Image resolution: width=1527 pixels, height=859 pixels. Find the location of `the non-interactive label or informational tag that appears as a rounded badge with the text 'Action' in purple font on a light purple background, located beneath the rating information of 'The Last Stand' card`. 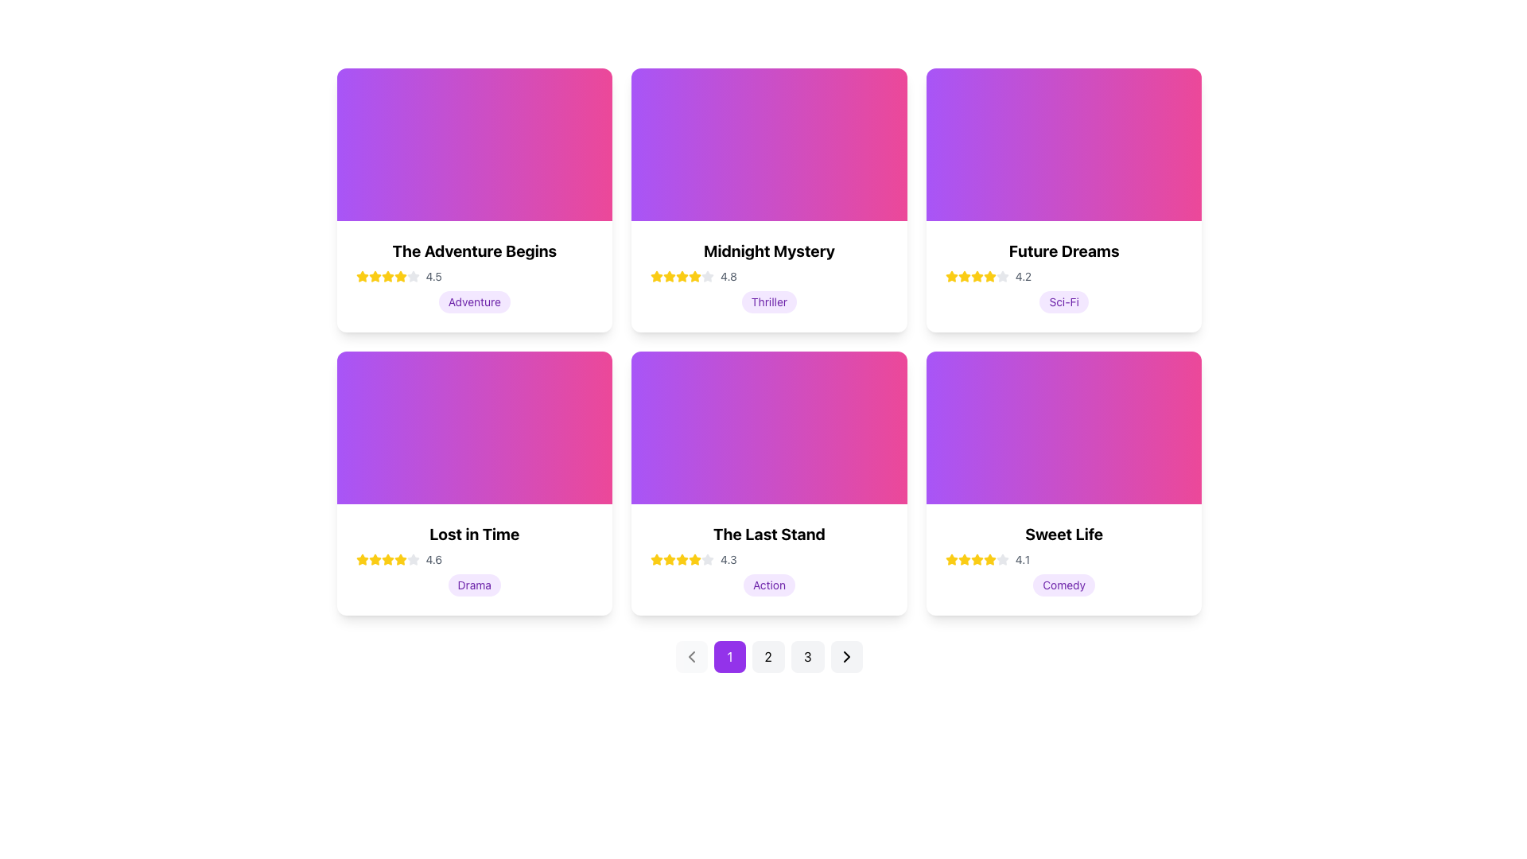

the non-interactive label or informational tag that appears as a rounded badge with the text 'Action' in purple font on a light purple background, located beneath the rating information of 'The Last Stand' card is located at coordinates (769, 585).